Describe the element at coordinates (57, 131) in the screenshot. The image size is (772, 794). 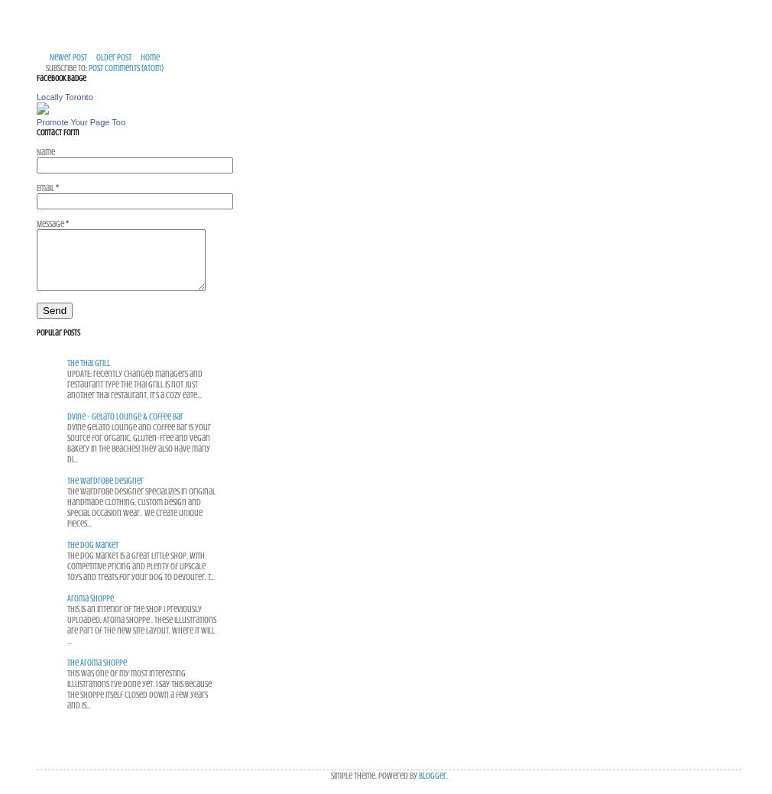
I see `'Contact Form'` at that location.